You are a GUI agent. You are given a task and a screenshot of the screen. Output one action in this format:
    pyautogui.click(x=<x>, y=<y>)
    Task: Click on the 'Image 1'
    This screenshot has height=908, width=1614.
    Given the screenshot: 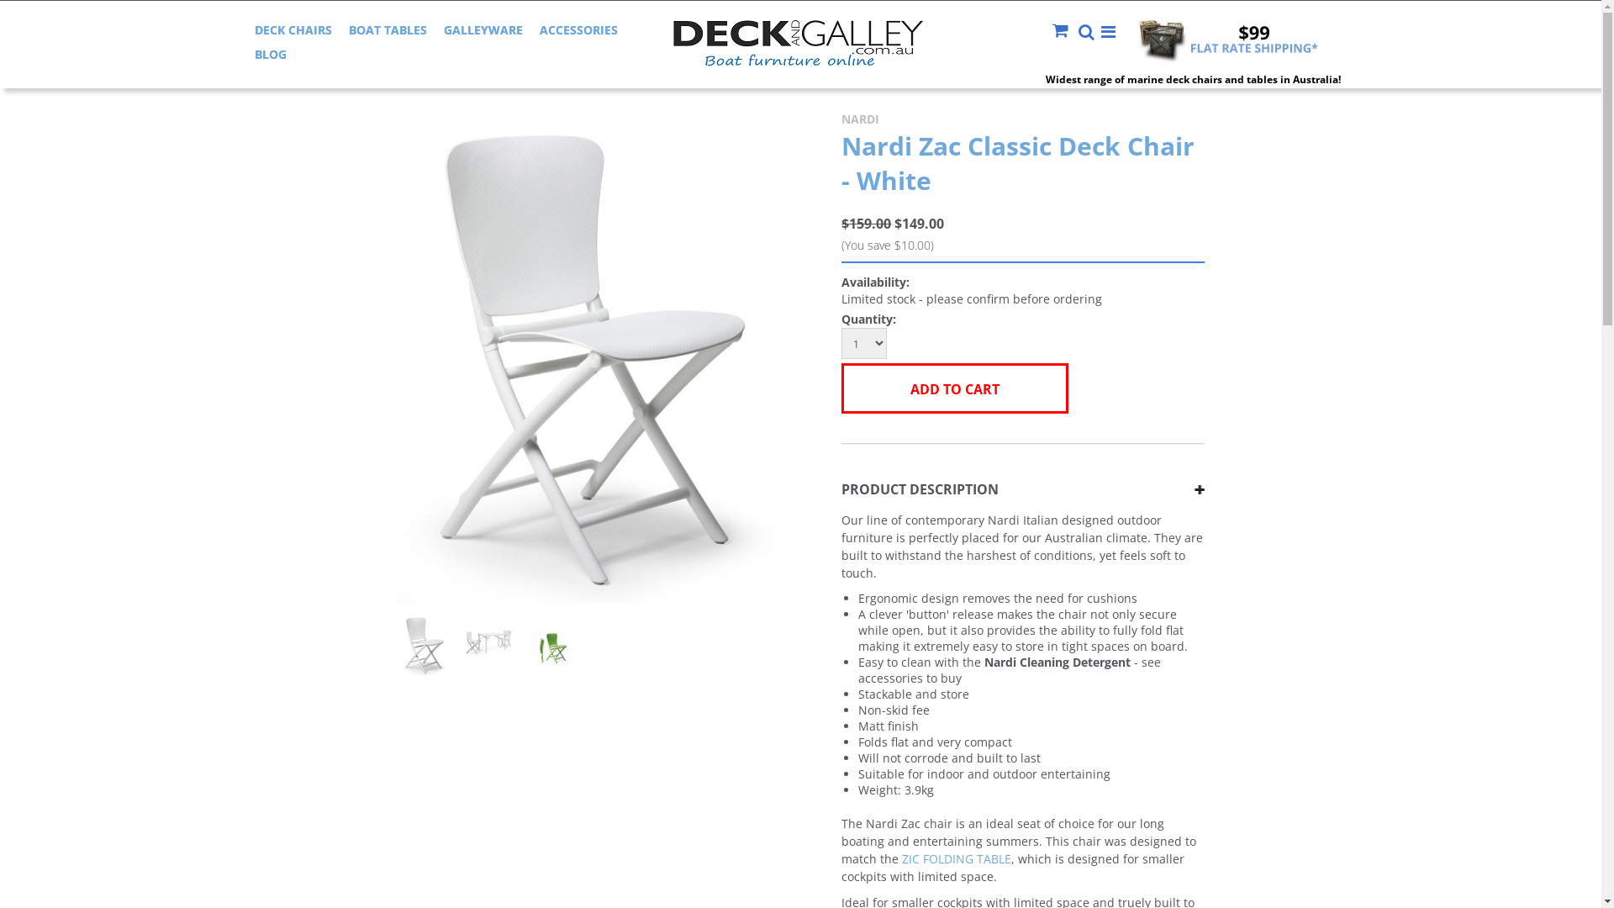 What is the action you would take?
    pyautogui.click(x=425, y=644)
    